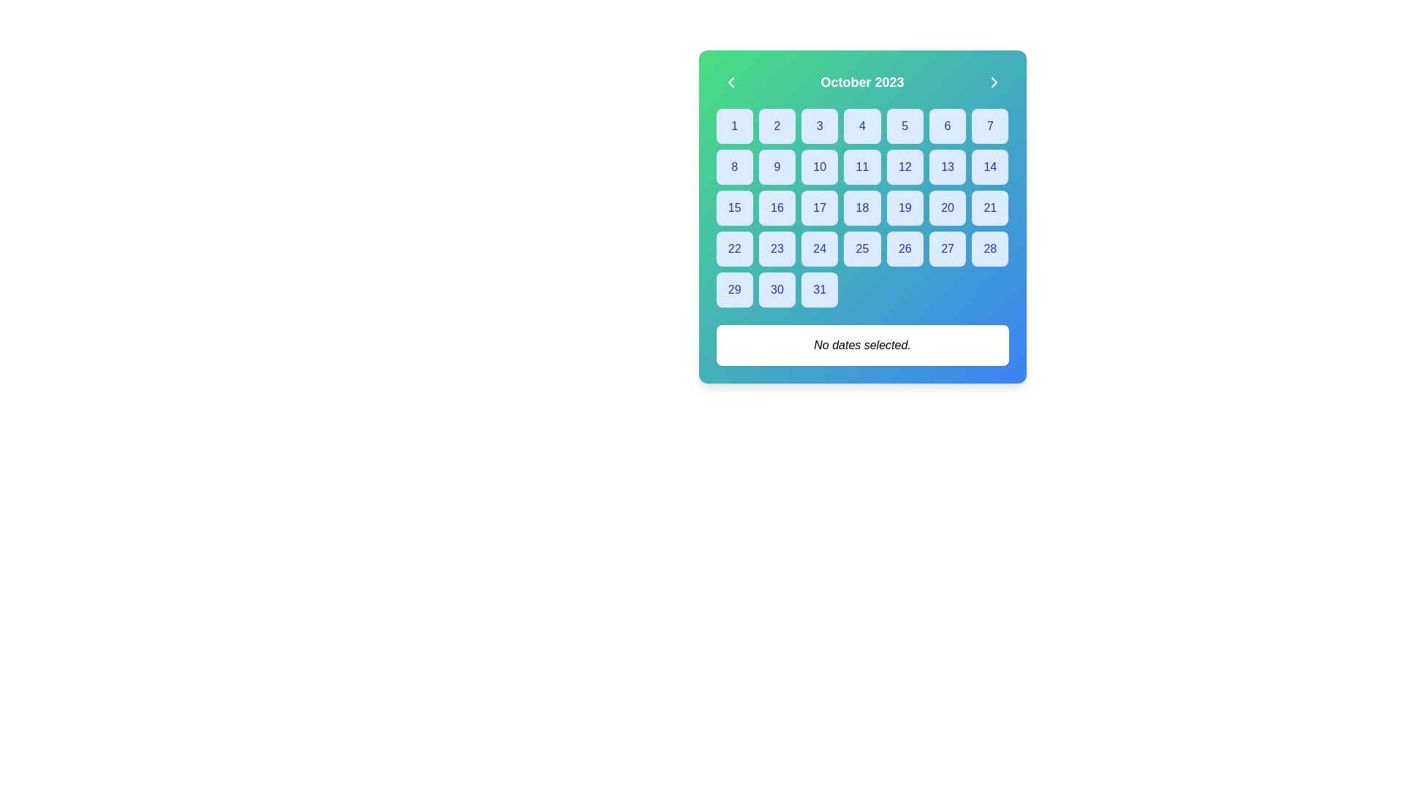  Describe the element at coordinates (820, 290) in the screenshot. I see `the button in the bottom-right corner of the calendar grid` at that location.